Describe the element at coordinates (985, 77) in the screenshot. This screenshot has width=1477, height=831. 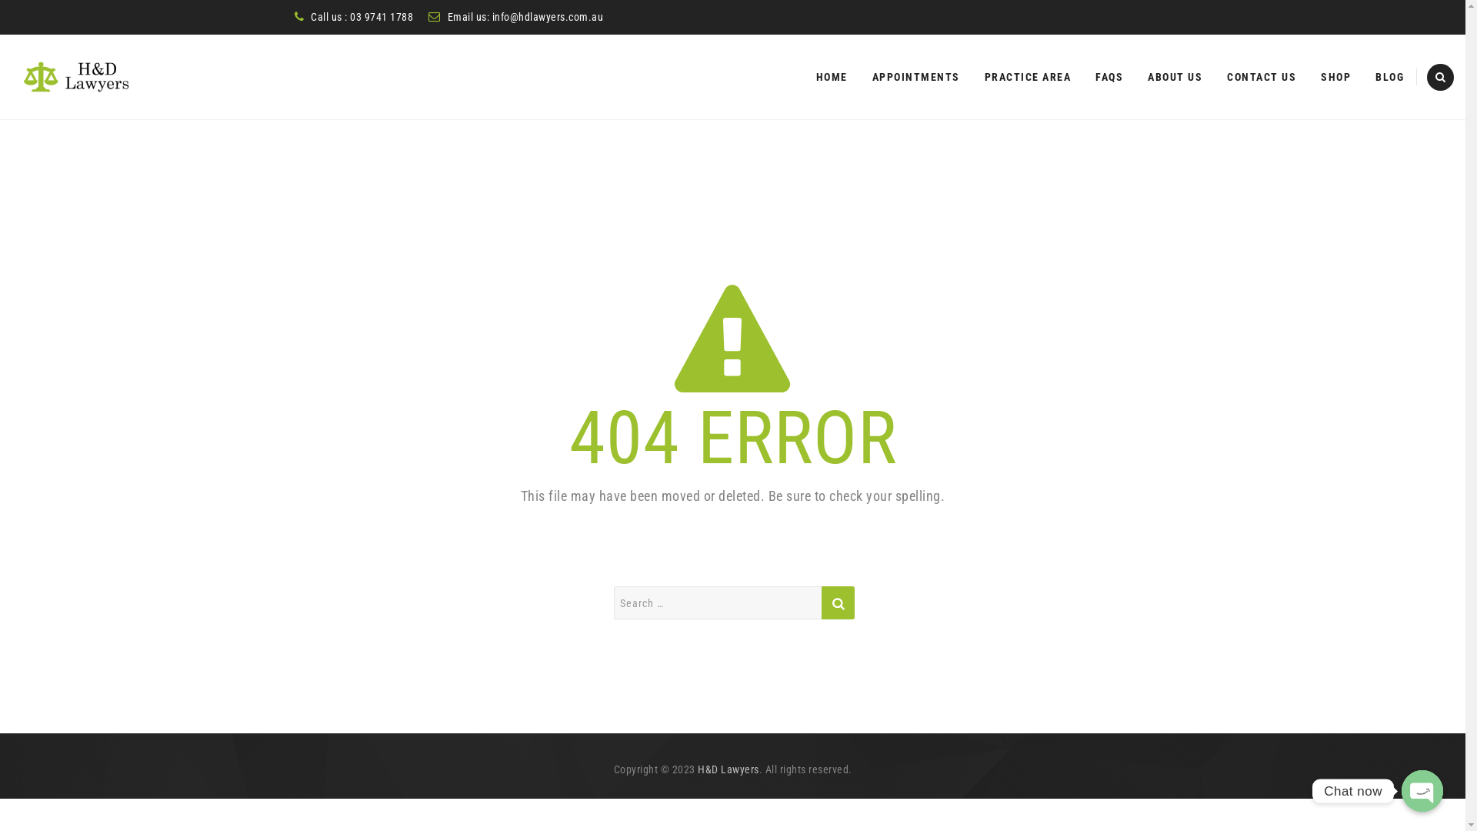
I see `'PRACTICE AREA'` at that location.